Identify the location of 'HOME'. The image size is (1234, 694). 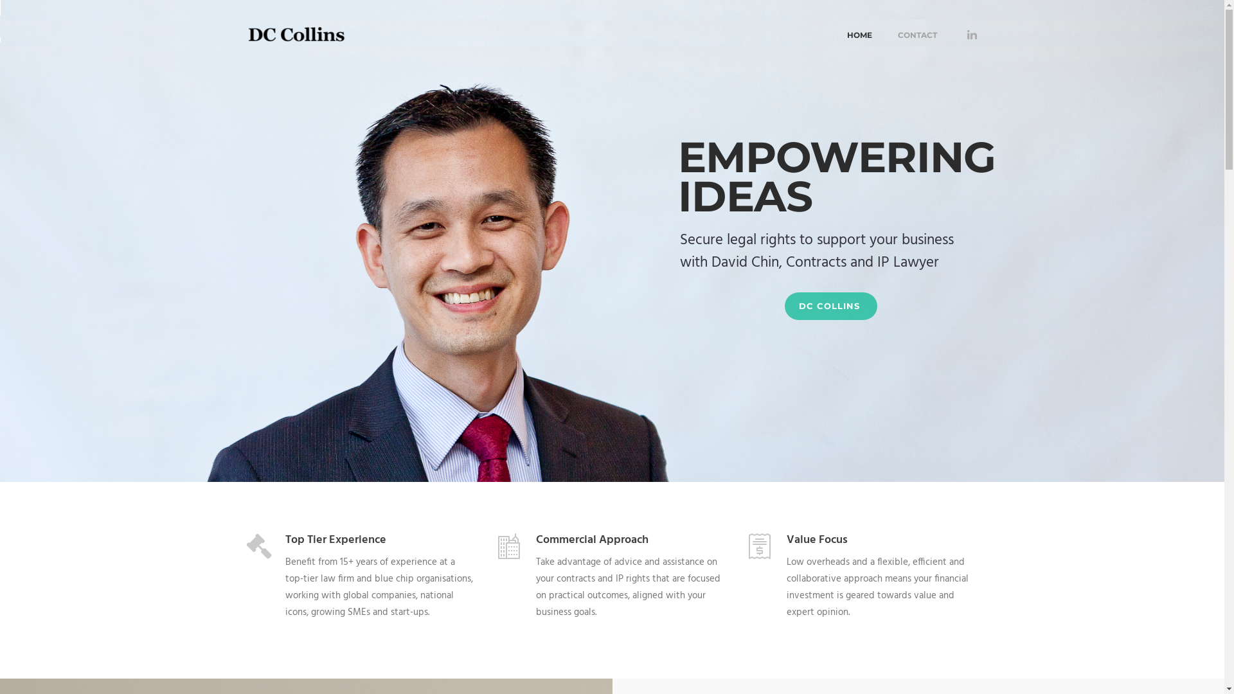
(859, 33).